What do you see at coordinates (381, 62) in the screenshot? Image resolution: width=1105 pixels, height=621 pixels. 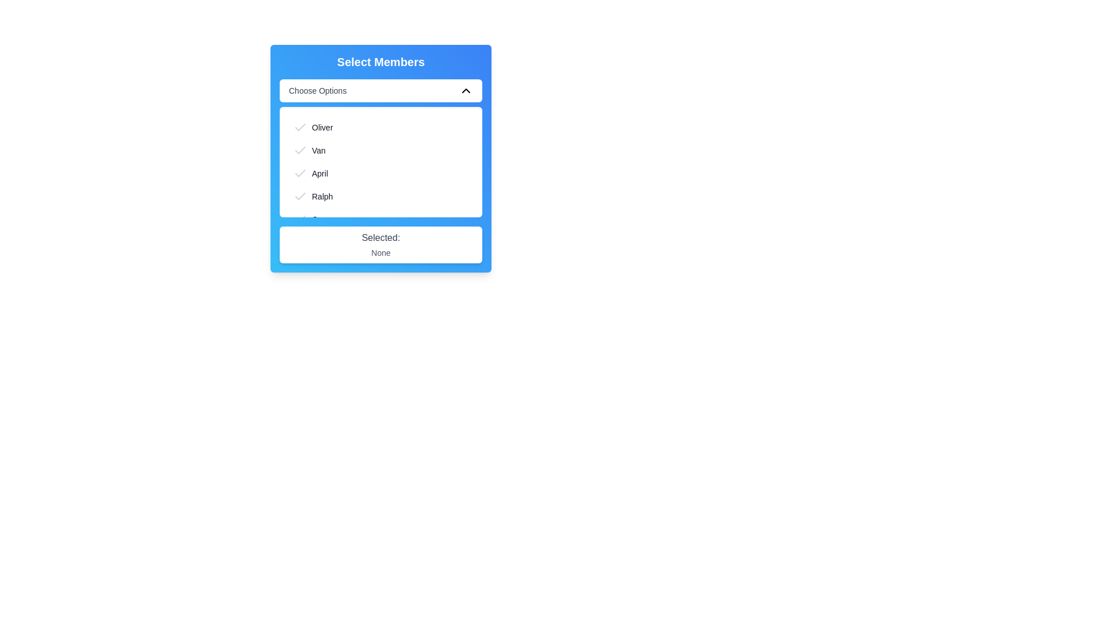 I see `the static text label functioning as a header or title, which indicates the purpose of the member selection interface, positioned at the top-center of the card-like structure above the 'Choose Options' button` at bounding box center [381, 62].